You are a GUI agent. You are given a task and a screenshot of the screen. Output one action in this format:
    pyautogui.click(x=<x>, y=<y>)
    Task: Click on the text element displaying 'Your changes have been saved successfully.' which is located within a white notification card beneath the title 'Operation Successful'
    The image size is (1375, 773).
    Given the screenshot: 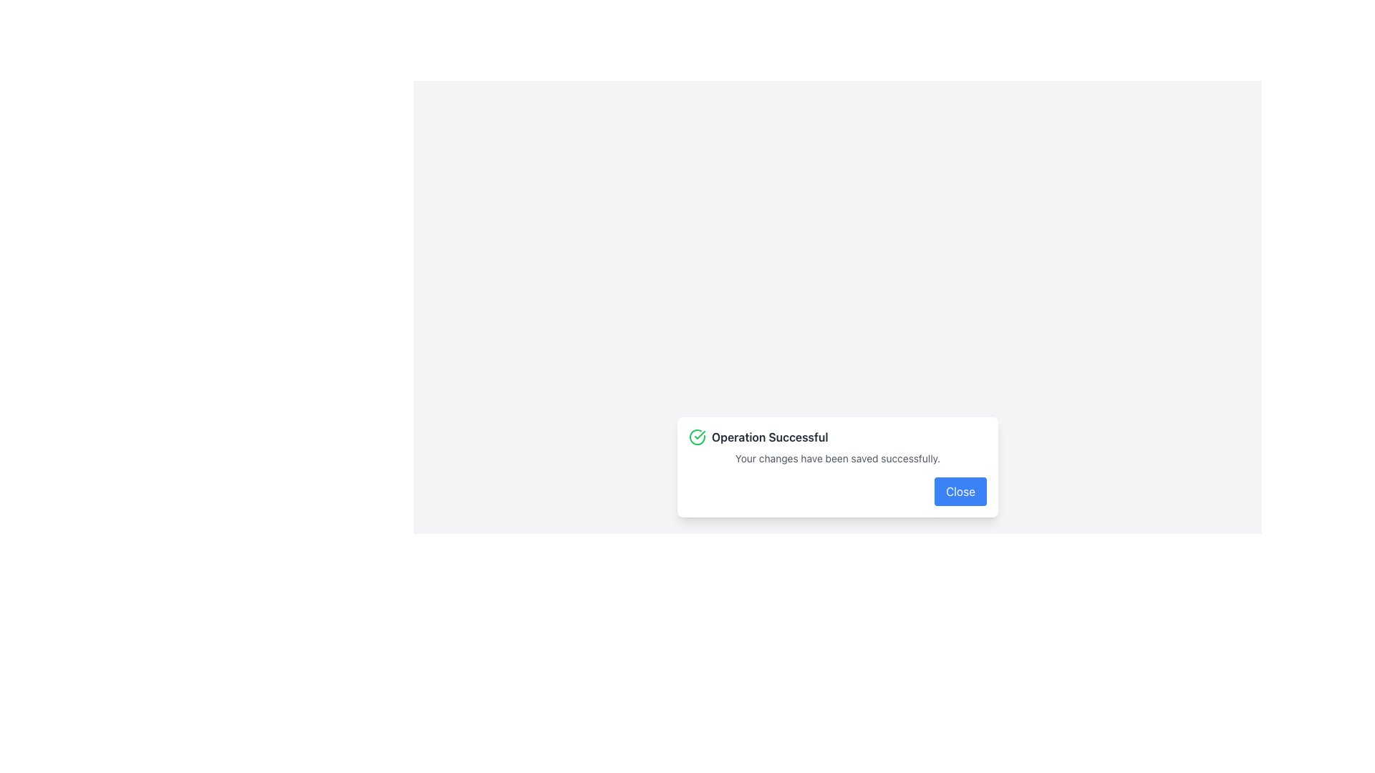 What is the action you would take?
    pyautogui.click(x=838, y=458)
    